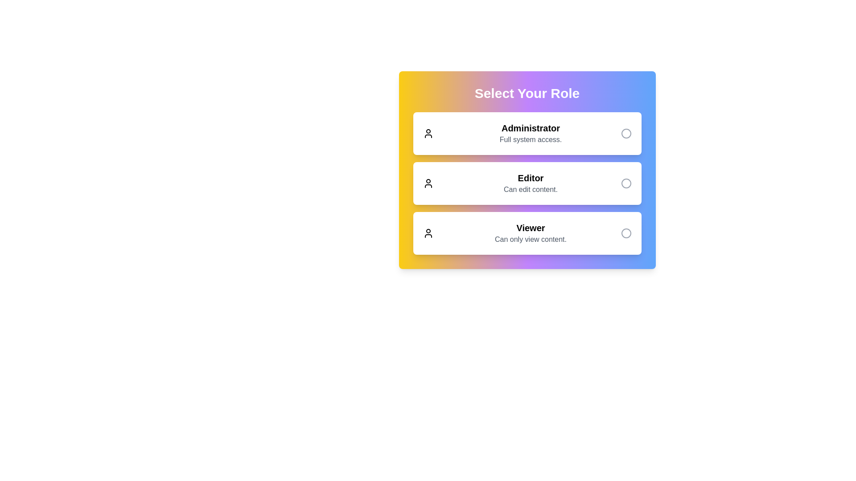 The height and width of the screenshot is (481, 856). What do you see at coordinates (531, 189) in the screenshot?
I see `the static informational text 'Can edit content.' which is located below the title 'Editor' in the second card of the role selection options` at bounding box center [531, 189].